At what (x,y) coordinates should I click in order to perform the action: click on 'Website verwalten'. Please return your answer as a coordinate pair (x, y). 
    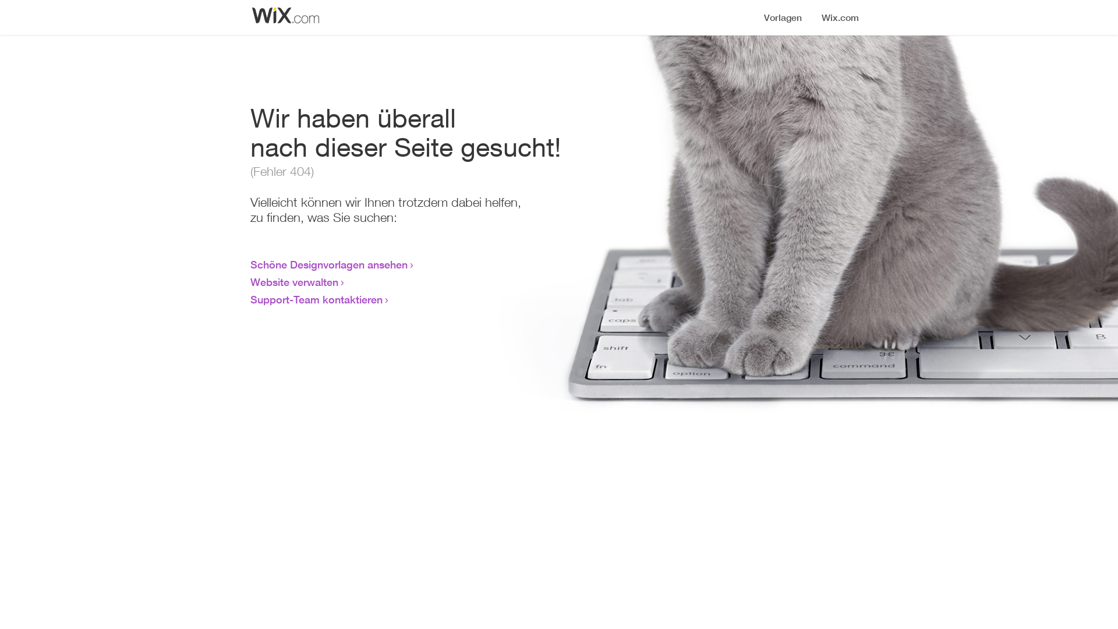
    Looking at the image, I should click on (294, 281).